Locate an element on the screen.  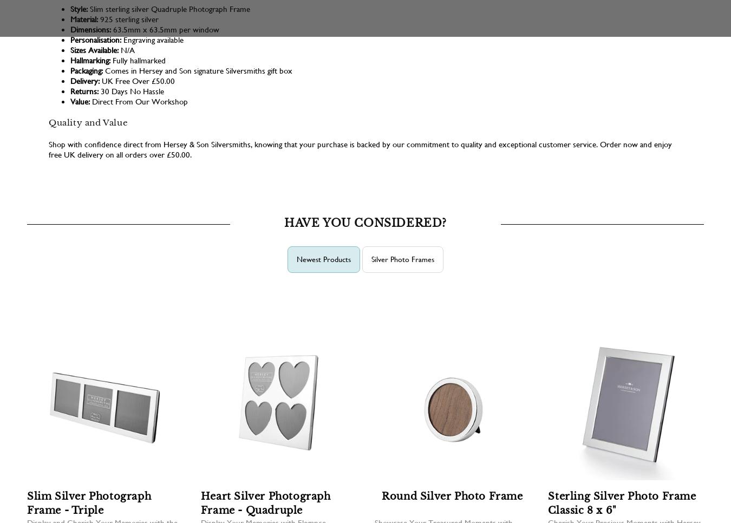
'Fully hallmarked' is located at coordinates (138, 60).